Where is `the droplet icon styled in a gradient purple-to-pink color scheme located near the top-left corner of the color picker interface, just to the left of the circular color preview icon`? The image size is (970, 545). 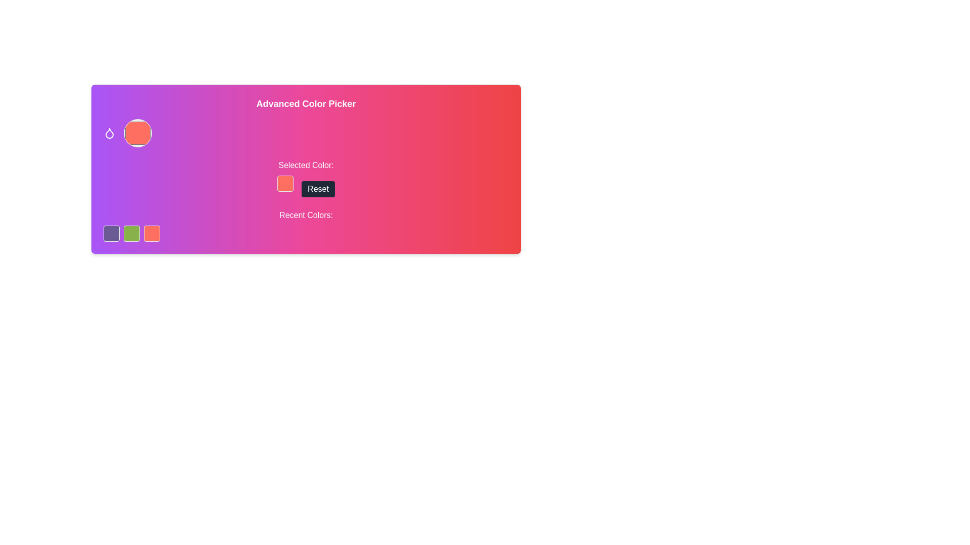 the droplet icon styled in a gradient purple-to-pink color scheme located near the top-left corner of the color picker interface, just to the left of the circular color preview icon is located at coordinates (109, 133).